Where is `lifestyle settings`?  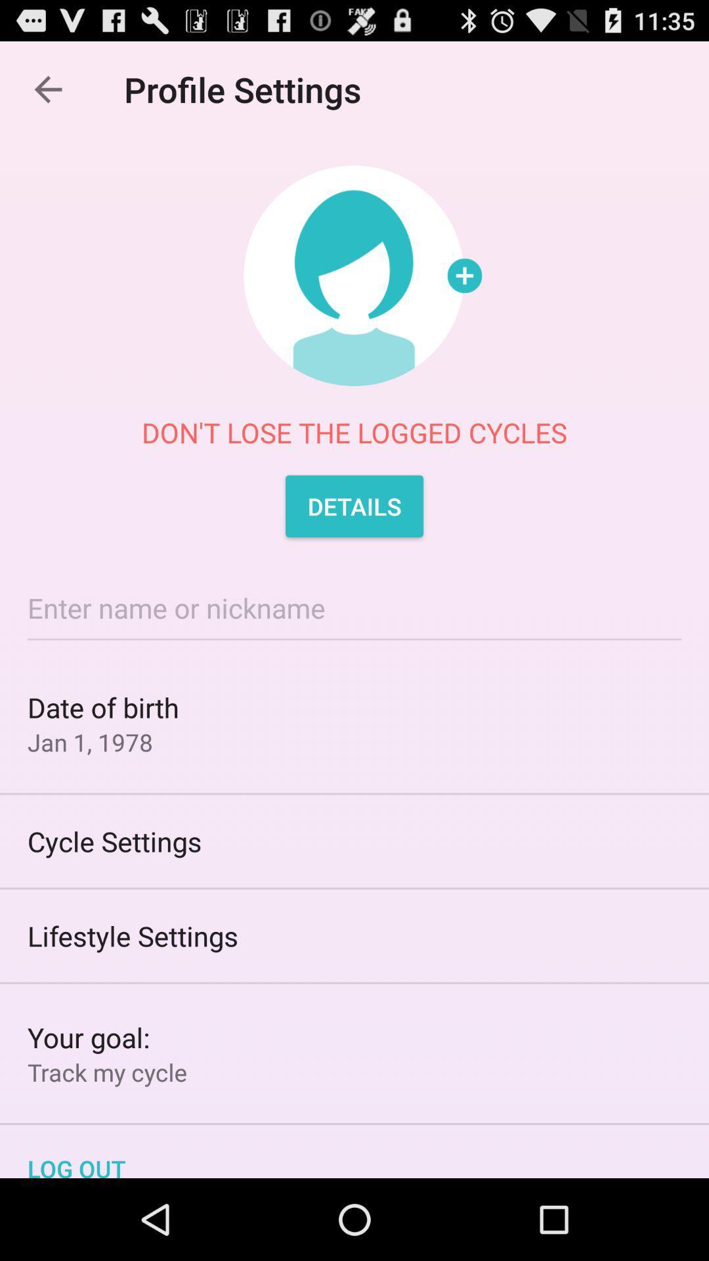
lifestyle settings is located at coordinates (354, 935).